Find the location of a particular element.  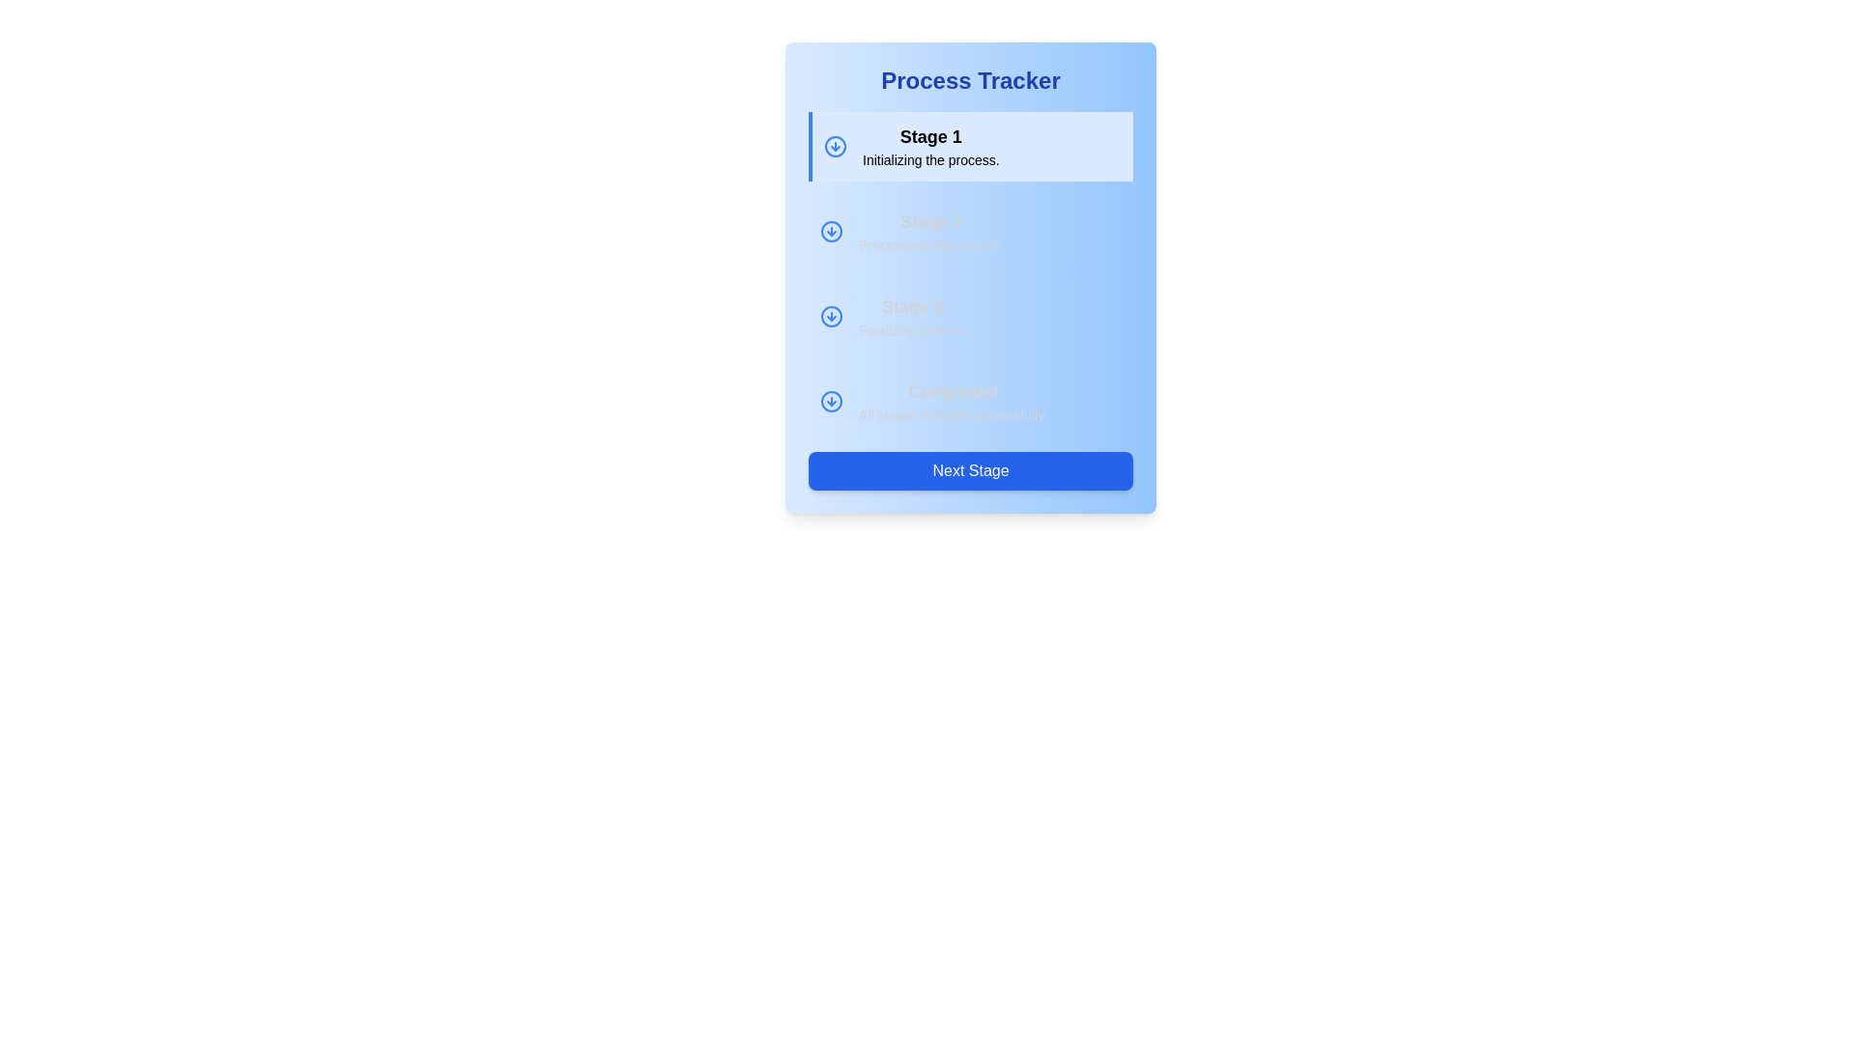

the circular icon with a downward-pointing arrow inside, featuring a blue outline and white interior, located near the left side of the panel adjacent to the text 'Stage 2 Processing data entries' for status indication is located at coordinates (831, 230).